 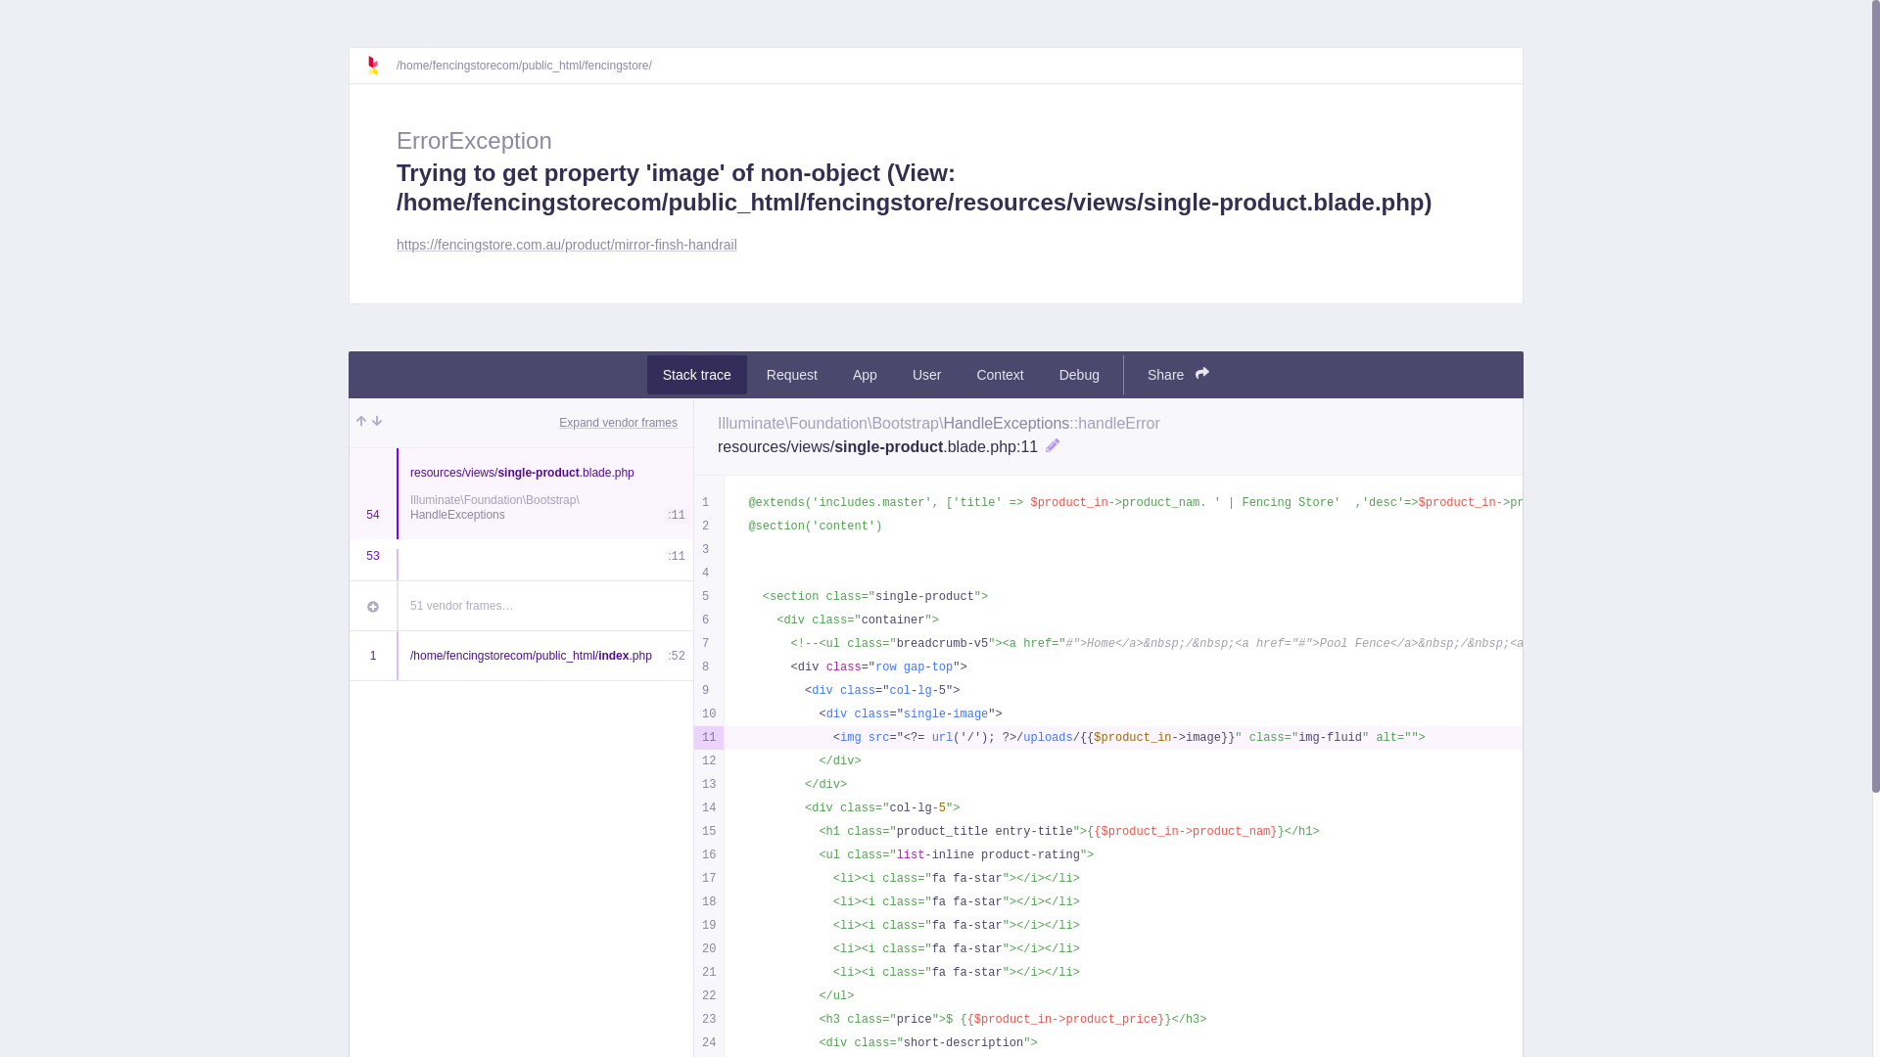 I want to click on 'Request', so click(x=792, y=374).